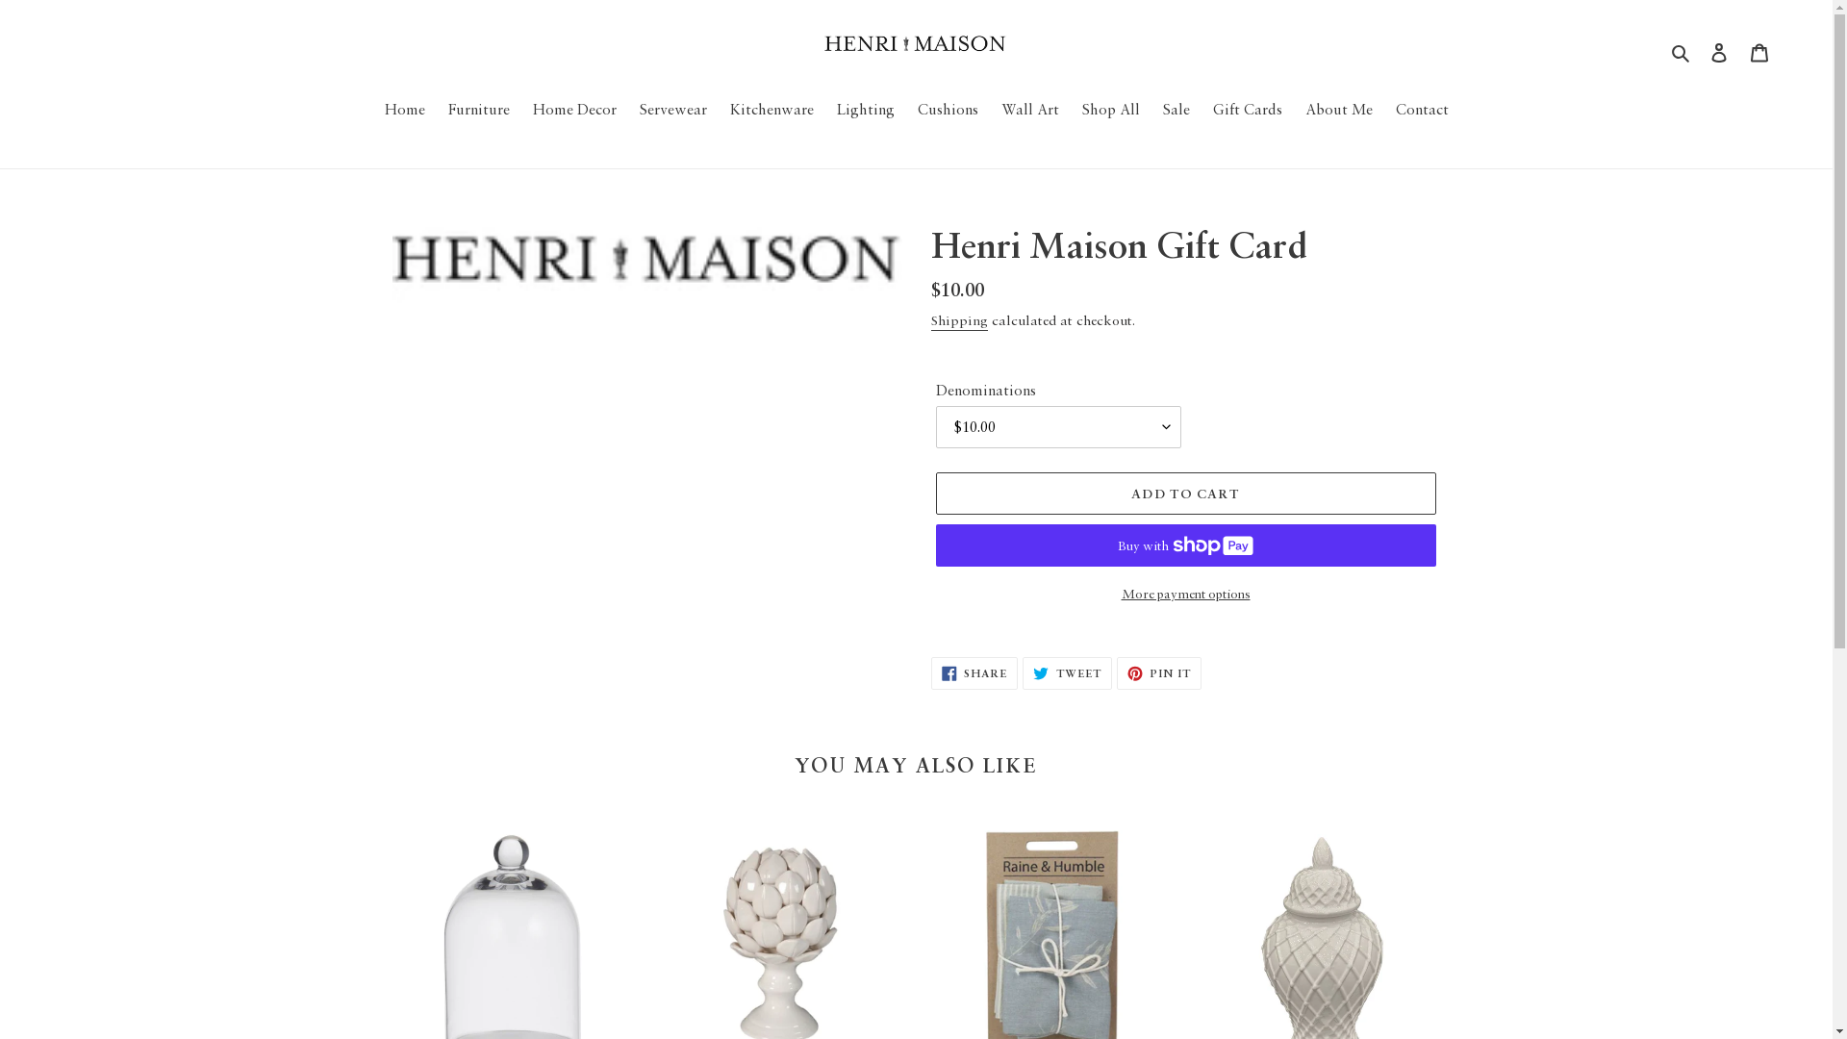  I want to click on 'Sale', so click(1175, 110).